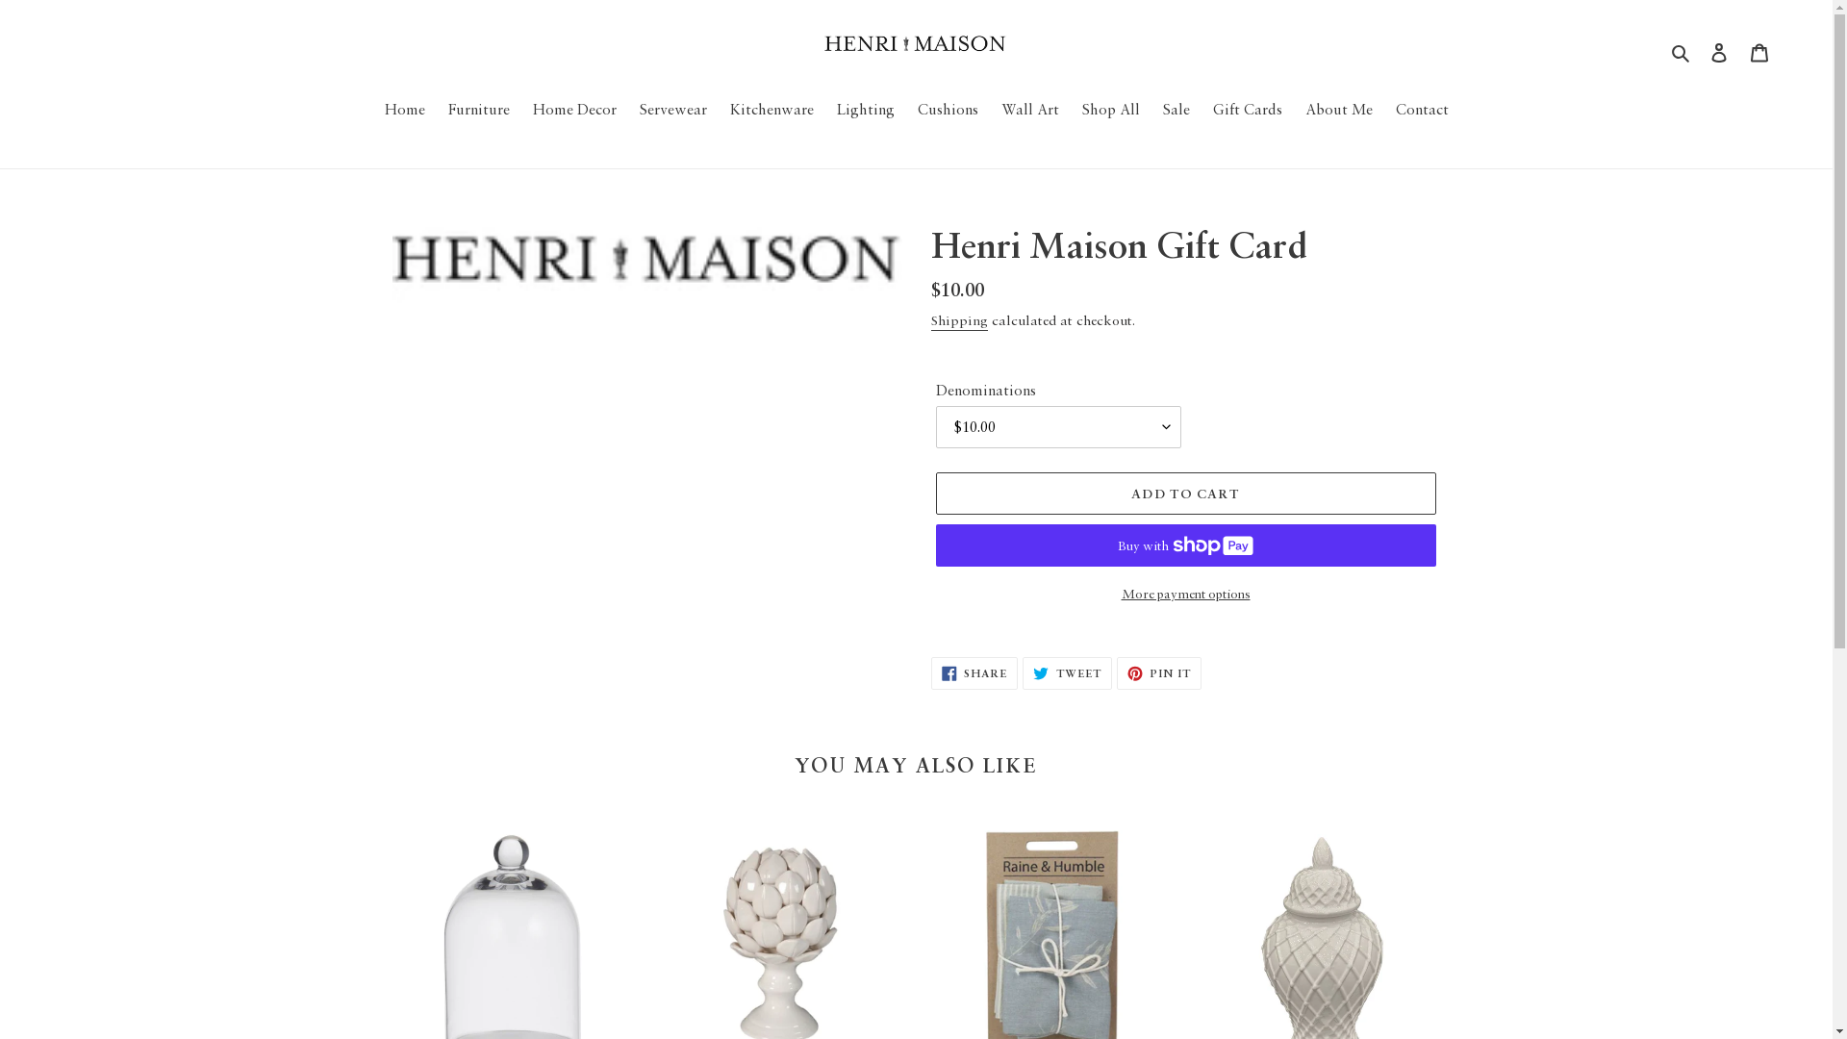  I want to click on 'Sale', so click(1175, 110).